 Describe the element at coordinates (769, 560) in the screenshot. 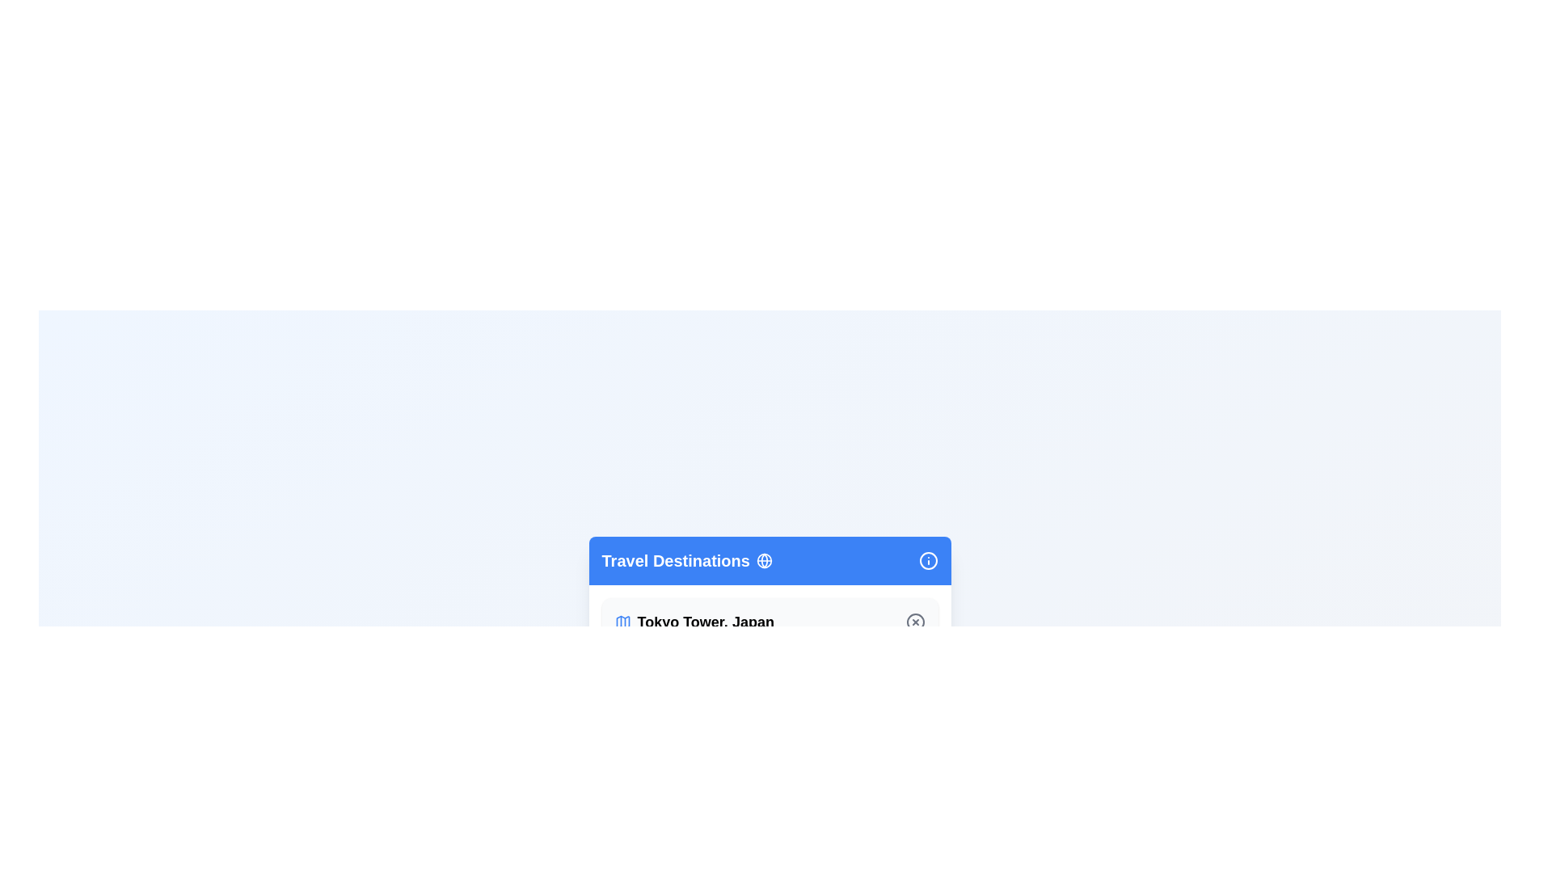

I see `the header bar titled 'Travel Destinations'` at that location.